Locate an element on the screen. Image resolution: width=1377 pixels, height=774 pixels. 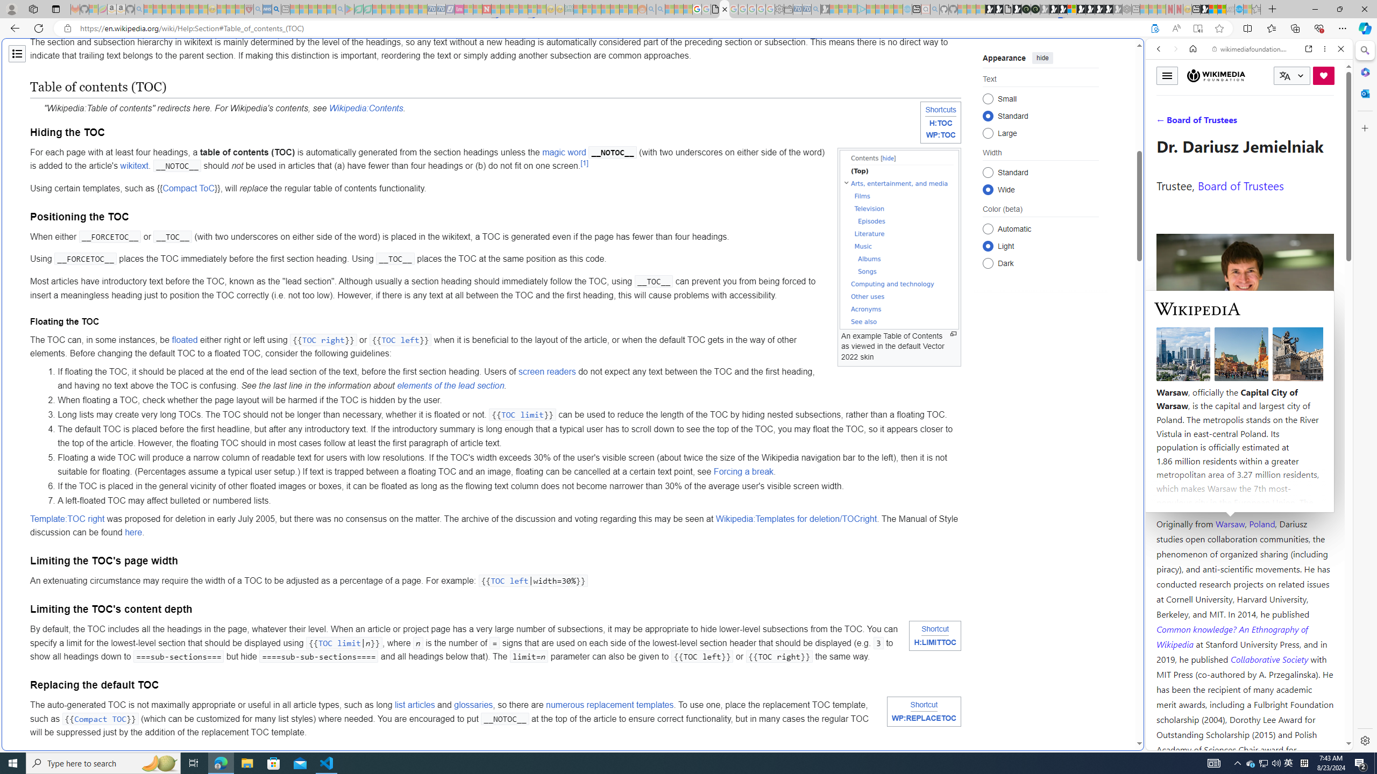
'Close split screen' is located at coordinates (1142, 54).